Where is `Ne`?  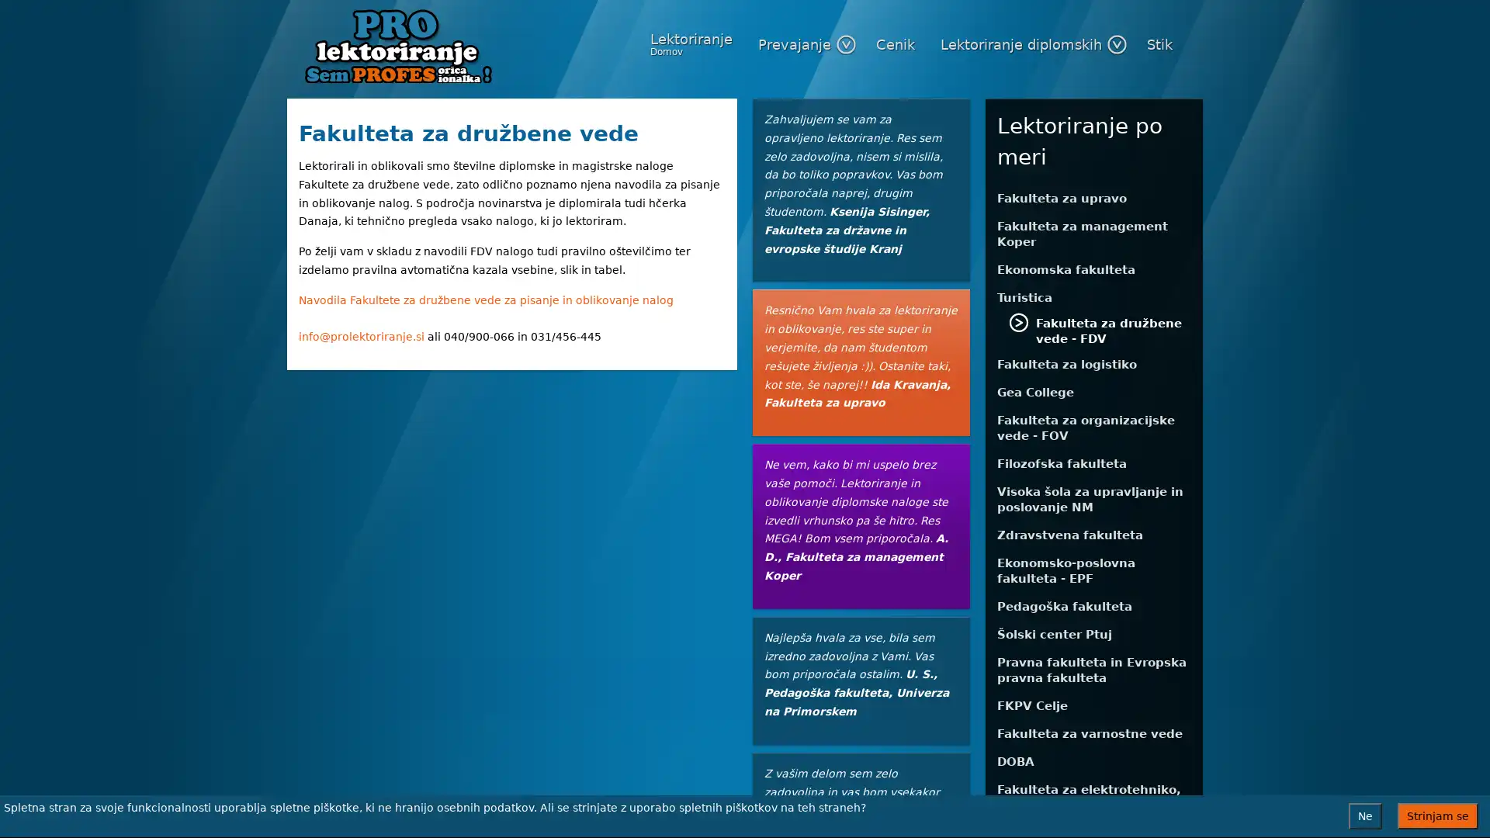 Ne is located at coordinates (1364, 815).